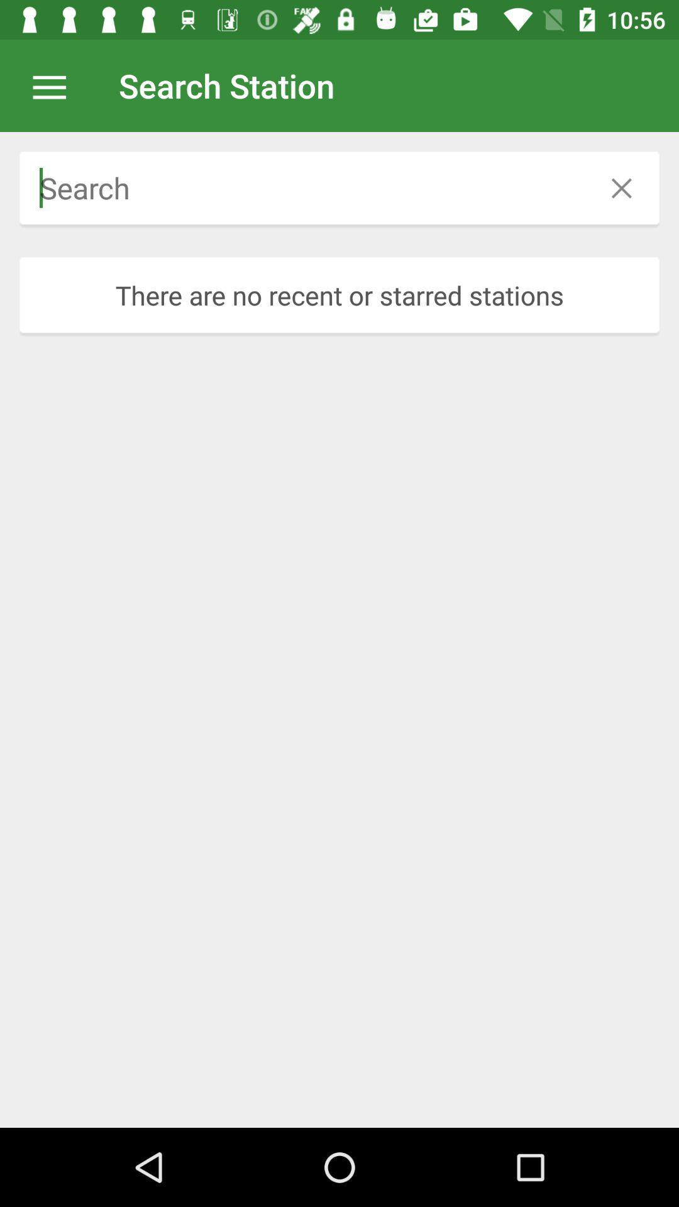 Image resolution: width=679 pixels, height=1207 pixels. I want to click on item at the top left corner, so click(55, 85).